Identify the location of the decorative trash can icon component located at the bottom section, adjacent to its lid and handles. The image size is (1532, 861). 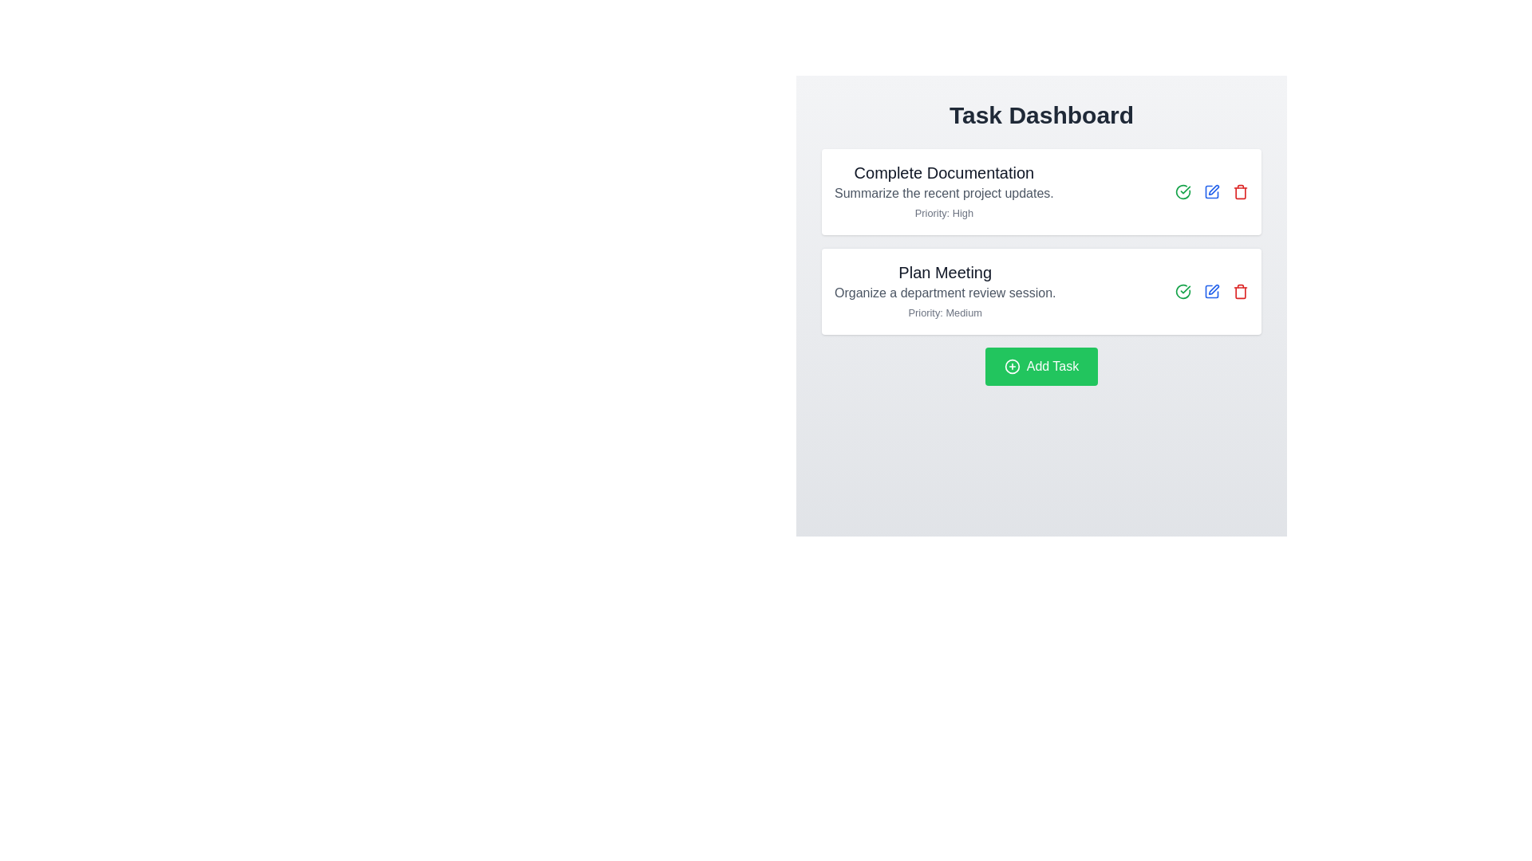
(1240, 292).